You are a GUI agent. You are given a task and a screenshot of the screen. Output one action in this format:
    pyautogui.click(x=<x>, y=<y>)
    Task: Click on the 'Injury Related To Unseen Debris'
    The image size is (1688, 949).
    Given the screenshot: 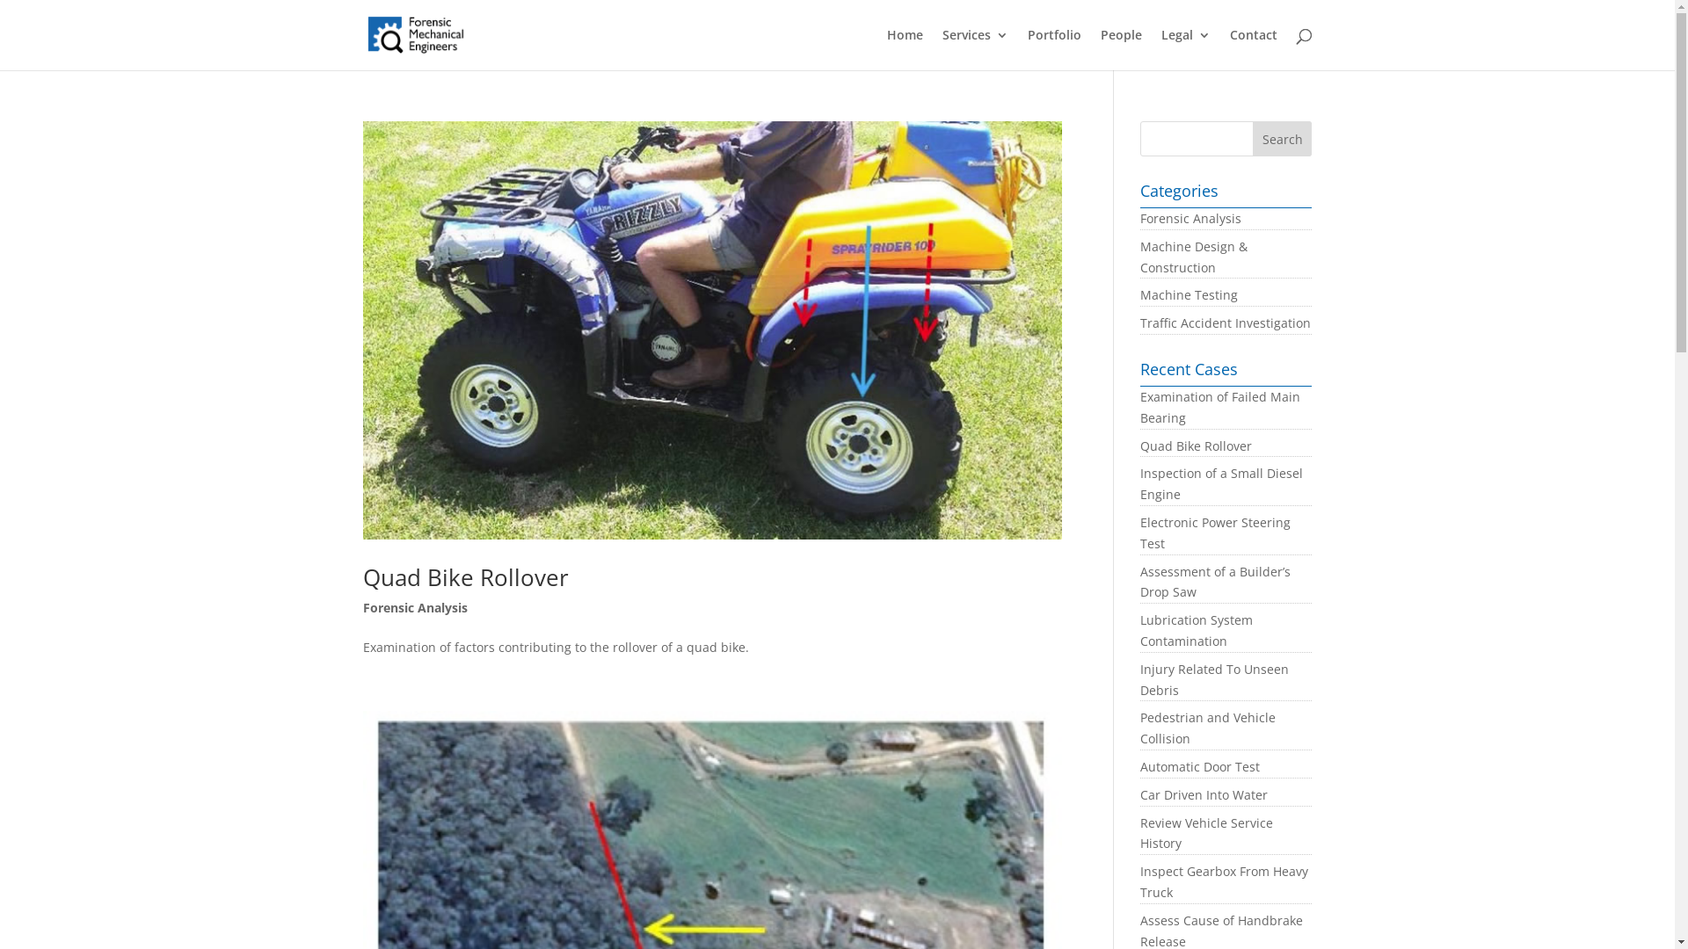 What is the action you would take?
    pyautogui.click(x=1213, y=678)
    